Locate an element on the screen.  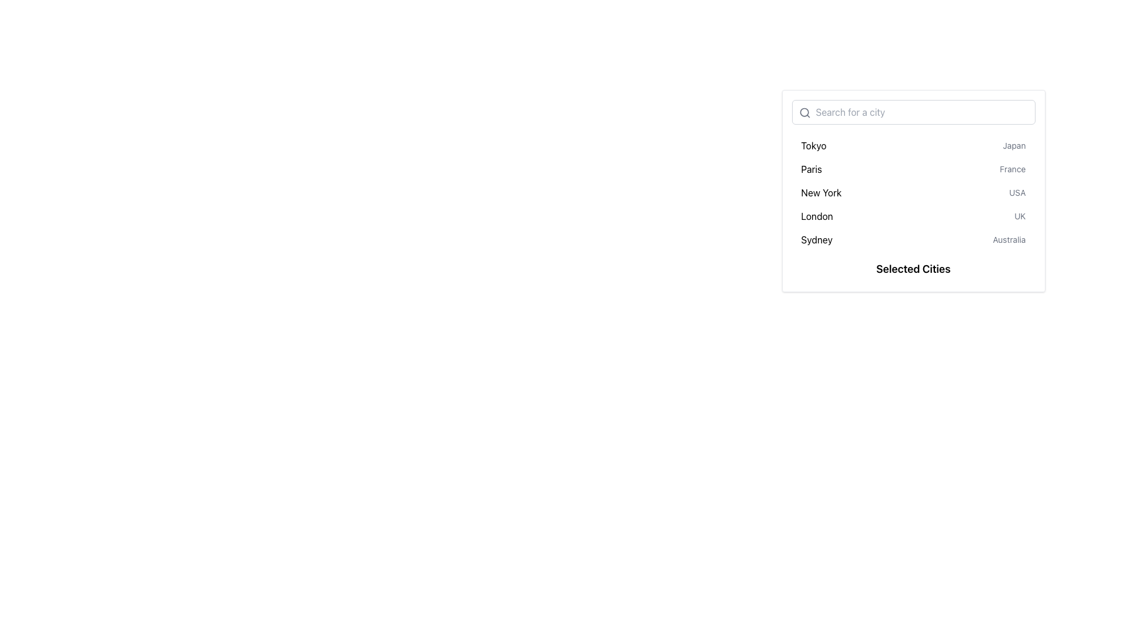
text from the Text Label that serves as a label for a city name, located in the fifth row of the list beneath 'London' and next to 'Australia' is located at coordinates (816, 239).